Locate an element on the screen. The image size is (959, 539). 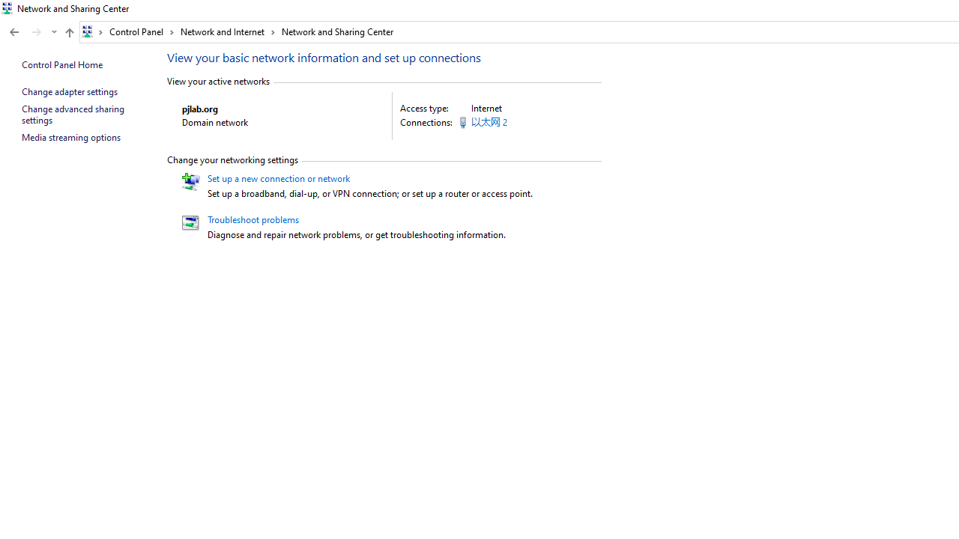
'Control Panel Home' is located at coordinates (61, 64).